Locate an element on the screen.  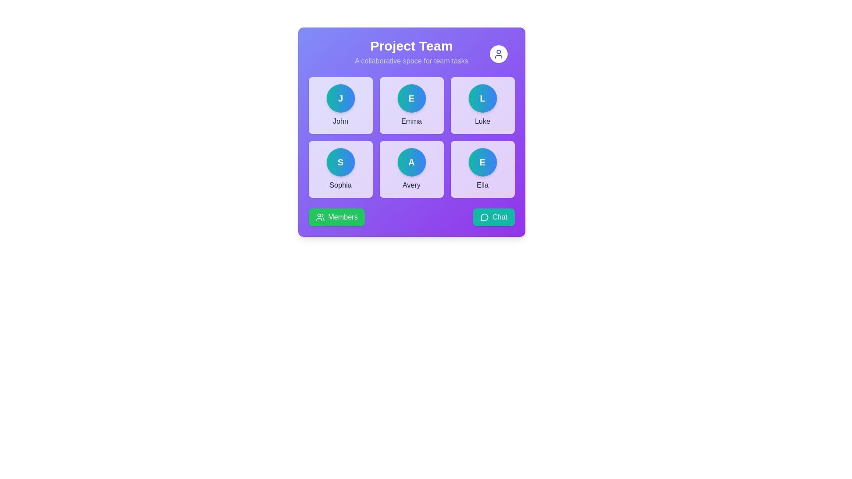
the Profile card featuring the name 'Ella' is located at coordinates (482, 169).